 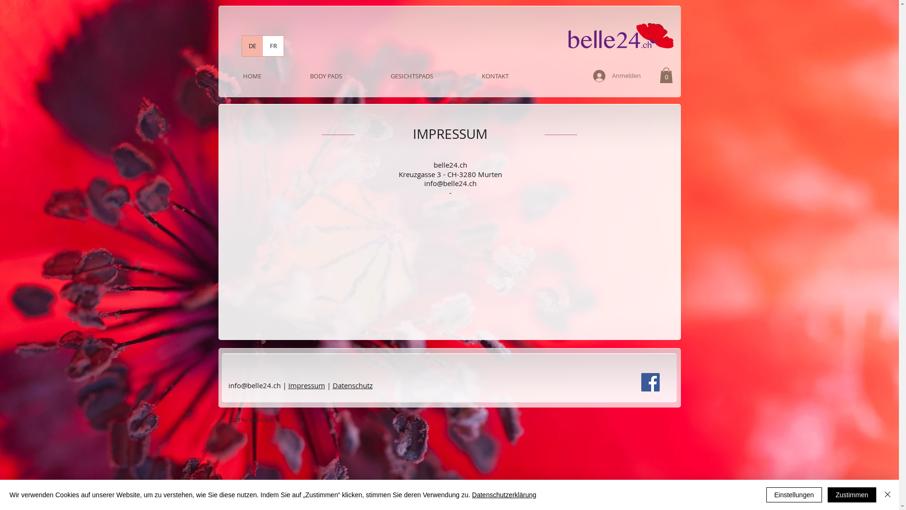 I want to click on 'KONTAKT', so click(x=495, y=76).